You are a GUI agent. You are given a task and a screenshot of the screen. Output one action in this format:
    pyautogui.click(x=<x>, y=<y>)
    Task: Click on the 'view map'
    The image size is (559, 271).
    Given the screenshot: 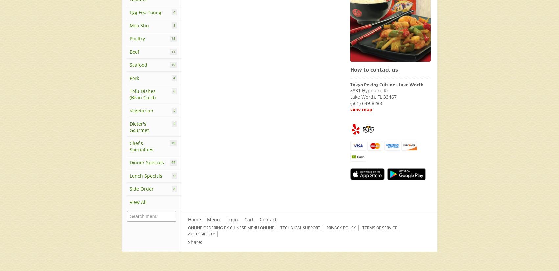 What is the action you would take?
    pyautogui.click(x=361, y=109)
    